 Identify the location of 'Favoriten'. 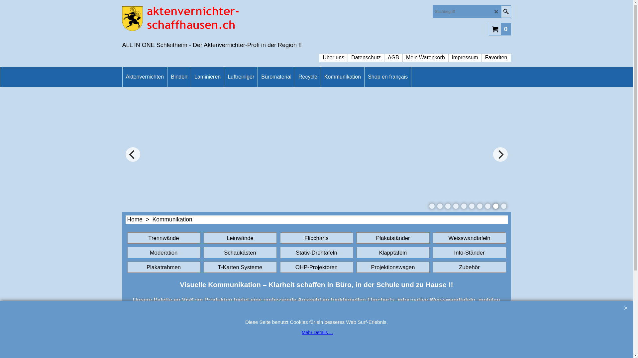
(496, 54).